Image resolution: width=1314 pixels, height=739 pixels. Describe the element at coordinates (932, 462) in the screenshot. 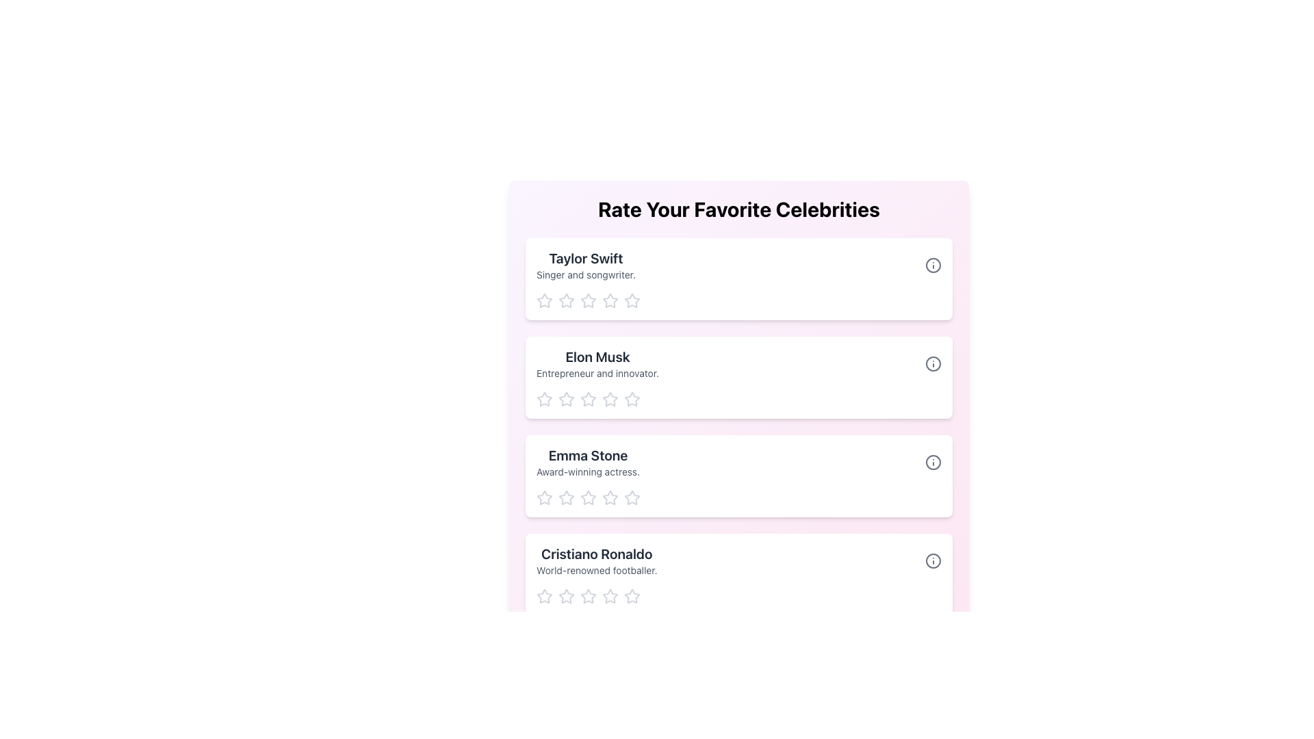

I see `the informational icon located at the extreme right of the 'Emma Stone' row` at that location.